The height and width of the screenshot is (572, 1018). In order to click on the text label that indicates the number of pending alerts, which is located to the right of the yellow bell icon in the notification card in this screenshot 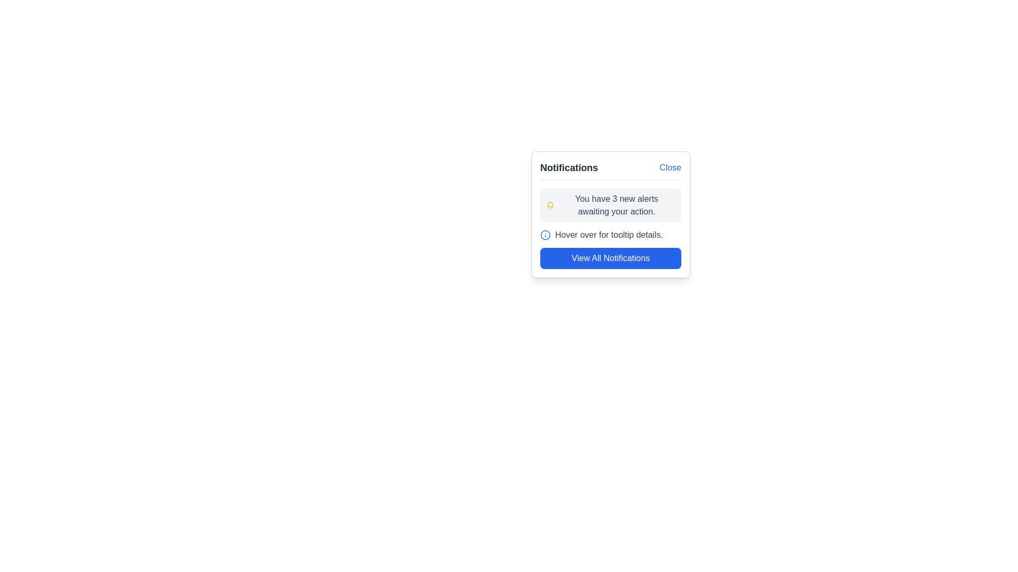, I will do `click(617, 205)`.